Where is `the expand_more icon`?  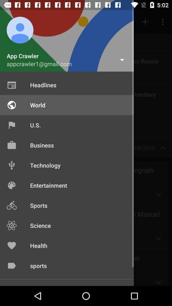 the expand_more icon is located at coordinates (158, 238).